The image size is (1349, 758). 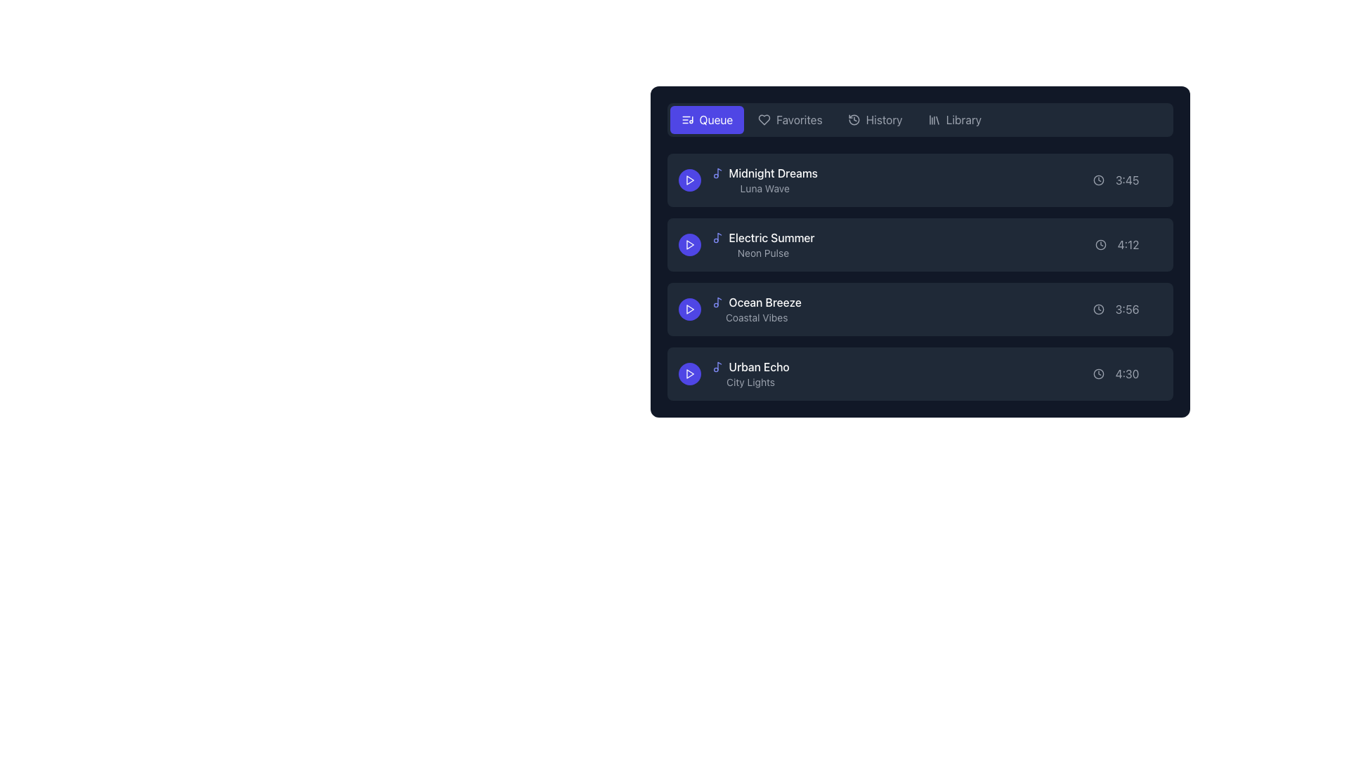 What do you see at coordinates (762, 244) in the screenshot?
I see `the second list item in the playlist, which provides visual information about the track, positioned between 'Midnight Dreams' and 'Ocean Breeze'` at bounding box center [762, 244].